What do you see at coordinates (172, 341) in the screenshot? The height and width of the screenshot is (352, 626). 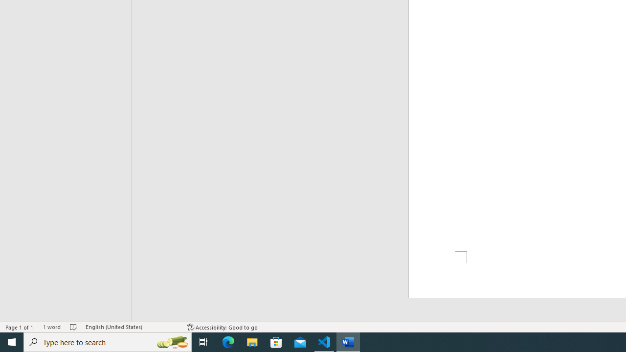 I see `'Search highlights icon opens search home window'` at bounding box center [172, 341].